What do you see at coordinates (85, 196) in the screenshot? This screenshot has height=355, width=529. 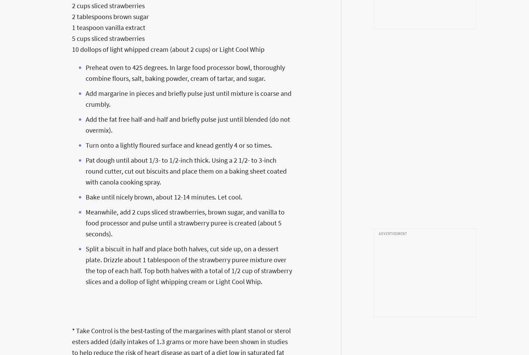 I see `'Bake until nicely brown, about 12-14 minutes. Let cool.'` at bounding box center [85, 196].